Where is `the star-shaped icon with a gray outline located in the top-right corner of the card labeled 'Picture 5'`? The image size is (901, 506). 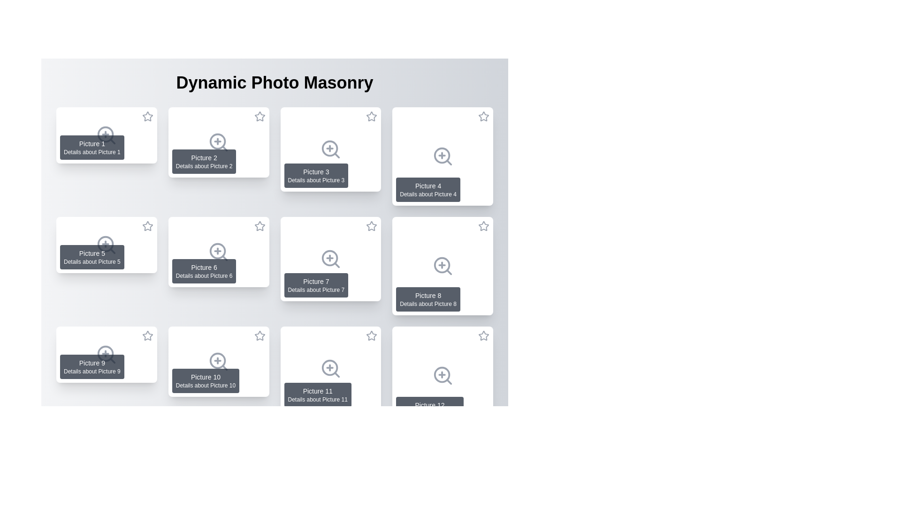 the star-shaped icon with a gray outline located in the top-right corner of the card labeled 'Picture 5' is located at coordinates (147, 226).